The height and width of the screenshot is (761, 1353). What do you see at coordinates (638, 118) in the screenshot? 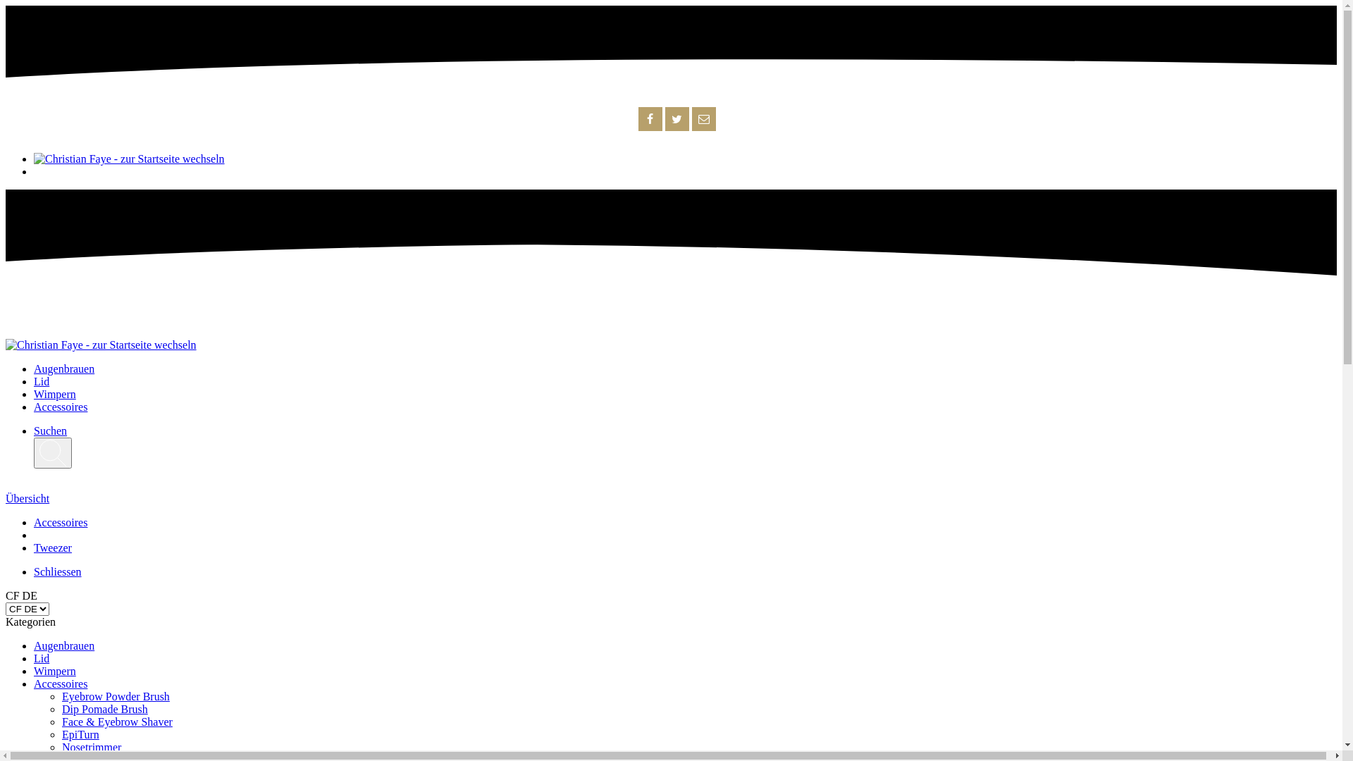
I see `'Facebook'` at bounding box center [638, 118].